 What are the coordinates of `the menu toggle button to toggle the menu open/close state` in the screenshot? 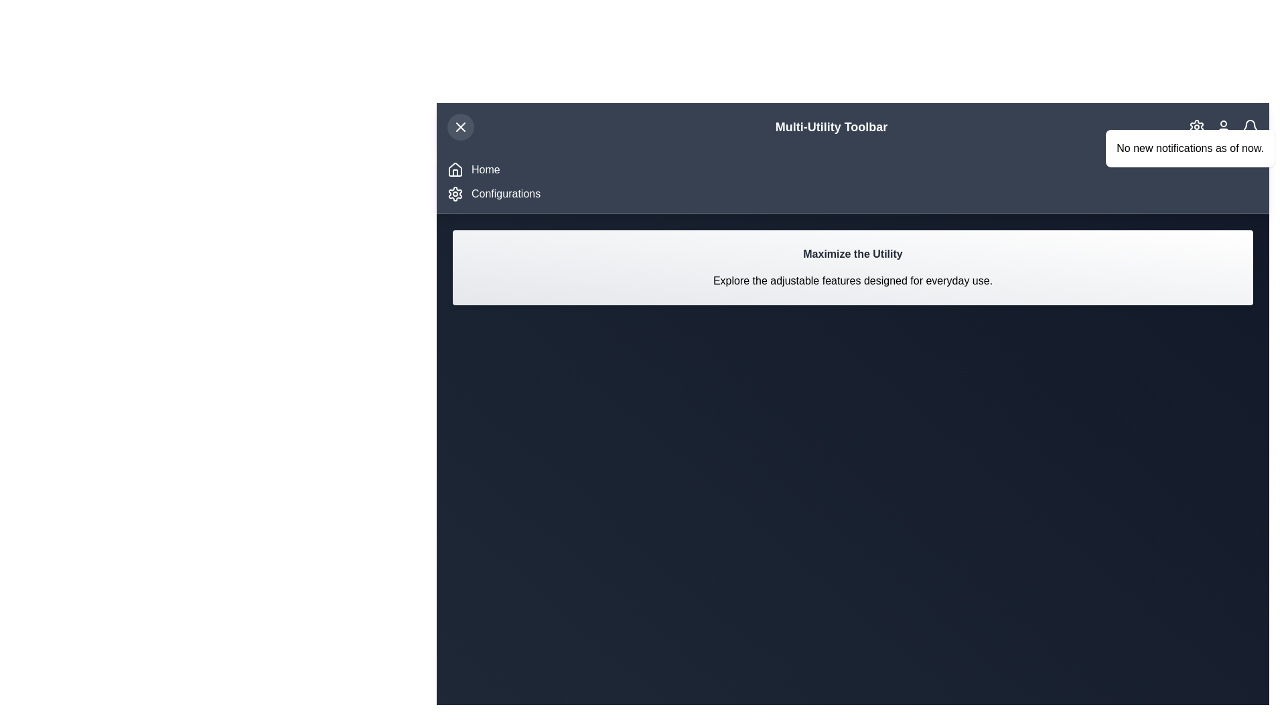 It's located at (460, 127).